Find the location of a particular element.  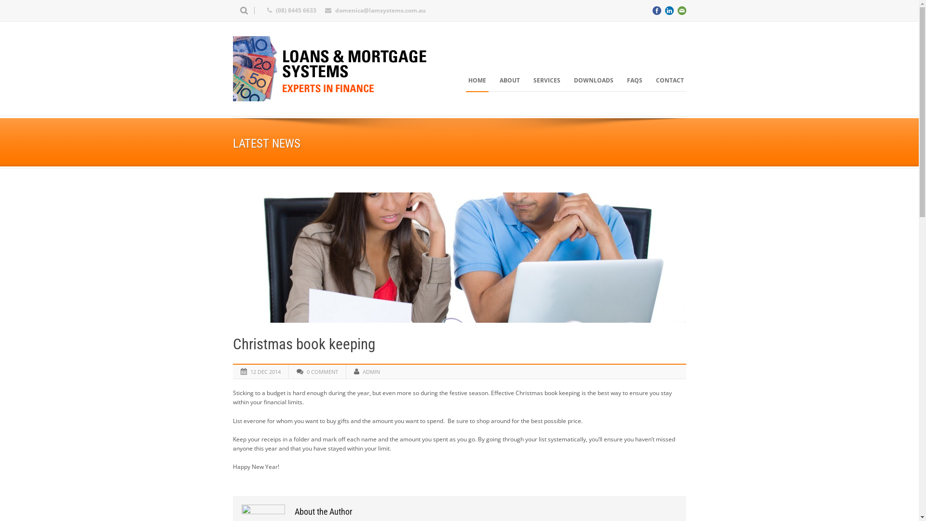

'HOME' is located at coordinates (477, 80).